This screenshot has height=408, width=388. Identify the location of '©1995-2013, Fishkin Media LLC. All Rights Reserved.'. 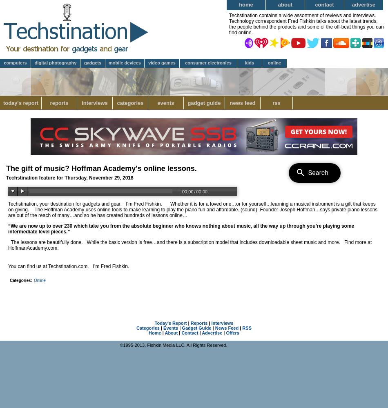
(173, 345).